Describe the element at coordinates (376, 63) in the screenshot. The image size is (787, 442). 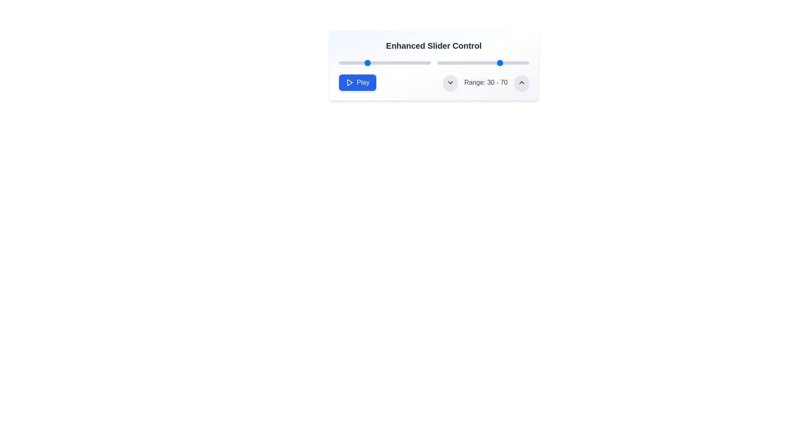
I see `the slider` at that location.